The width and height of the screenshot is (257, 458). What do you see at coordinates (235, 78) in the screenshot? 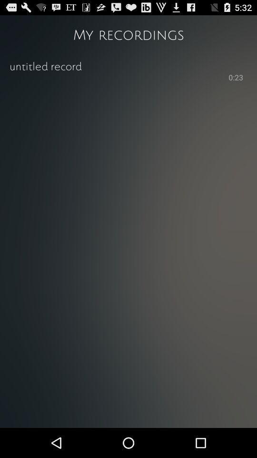
I see `the icon below the untitled record item` at bounding box center [235, 78].